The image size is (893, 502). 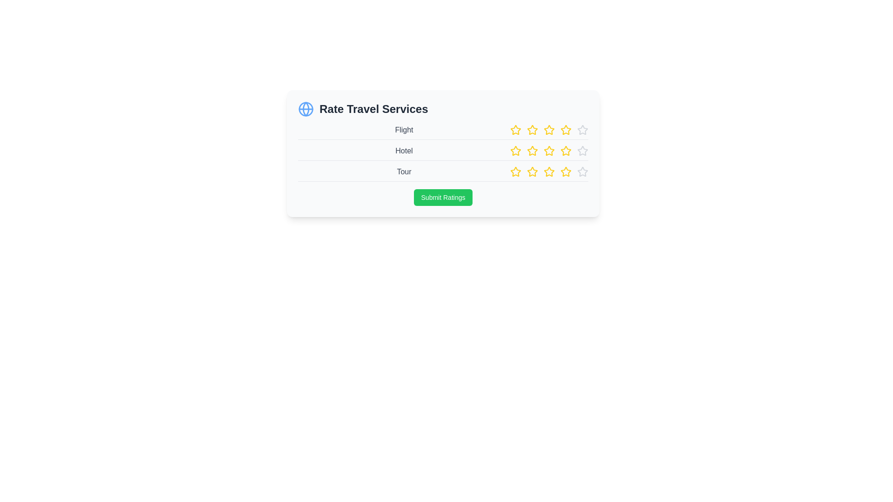 I want to click on the green button labeled 'Submit Ratings' located at the bottom of the form, so click(x=443, y=197).